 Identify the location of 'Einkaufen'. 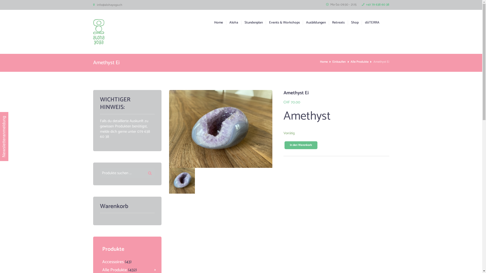
(339, 62).